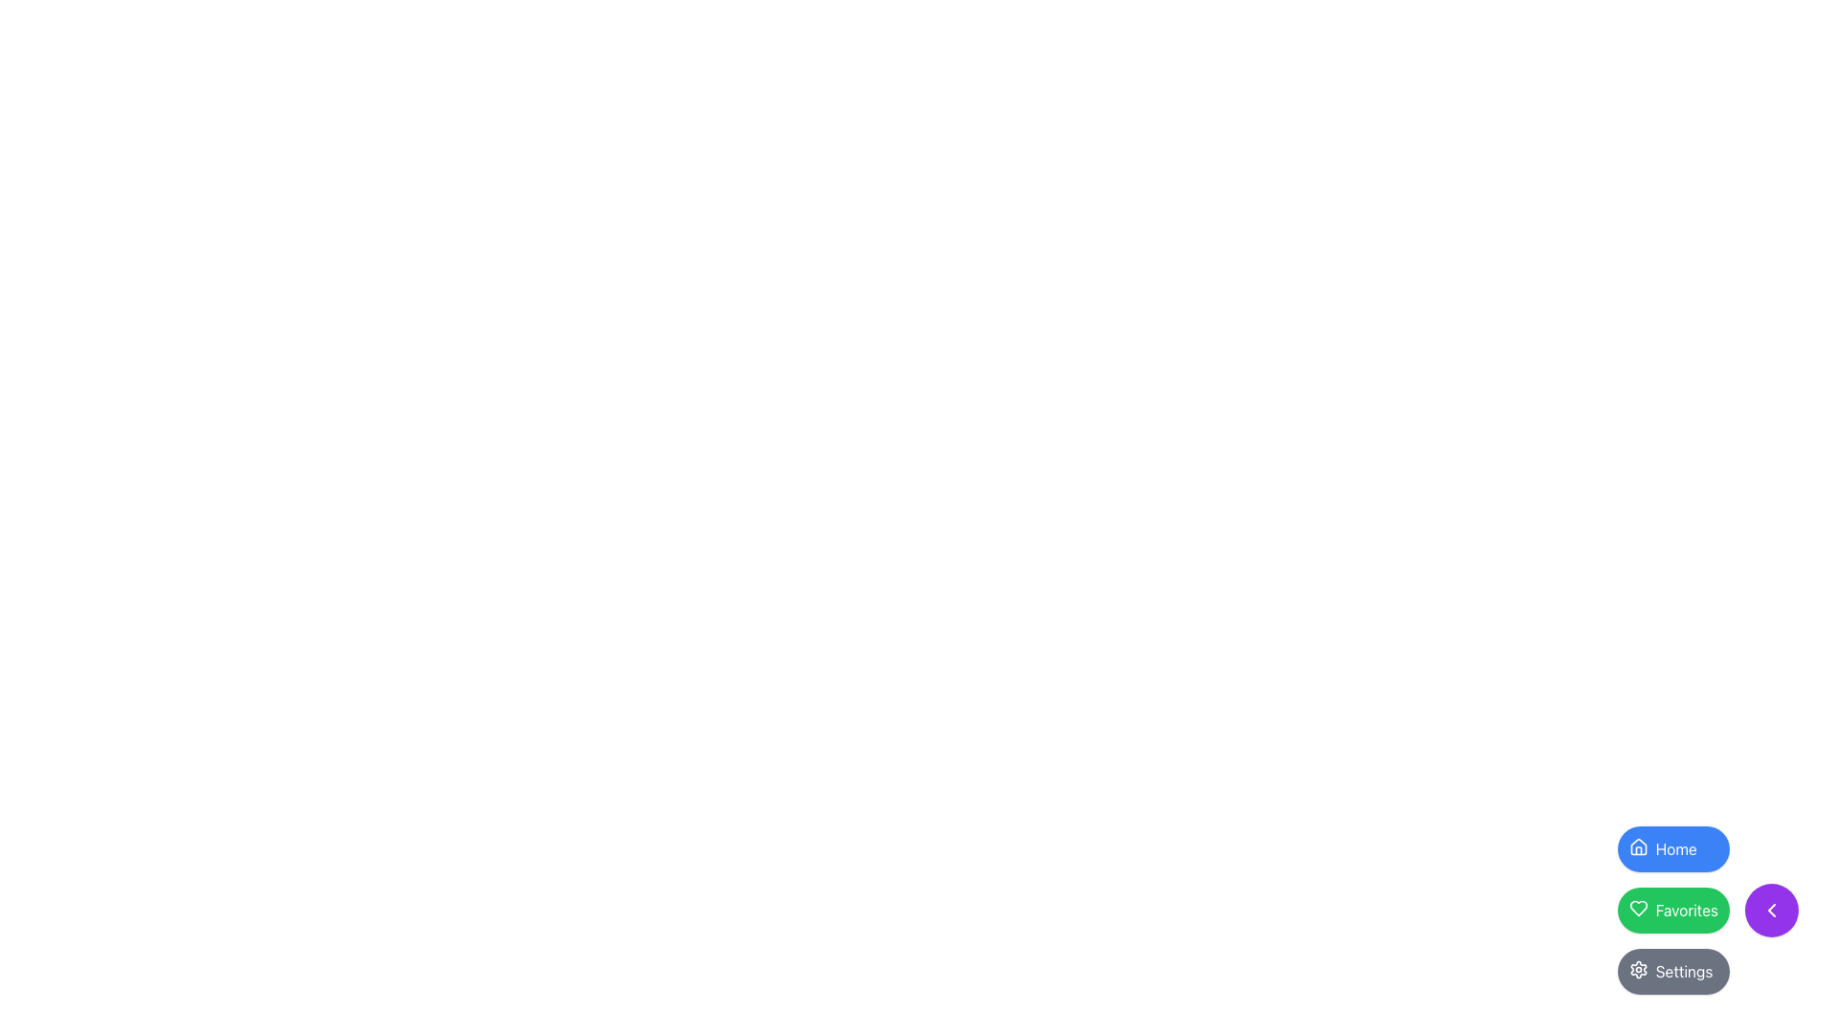 Image resolution: width=1837 pixels, height=1033 pixels. I want to click on the heart icon representing 'Favorites' located within the 'Favorites' button in the bottom-right corner of the interface, so click(1637, 907).